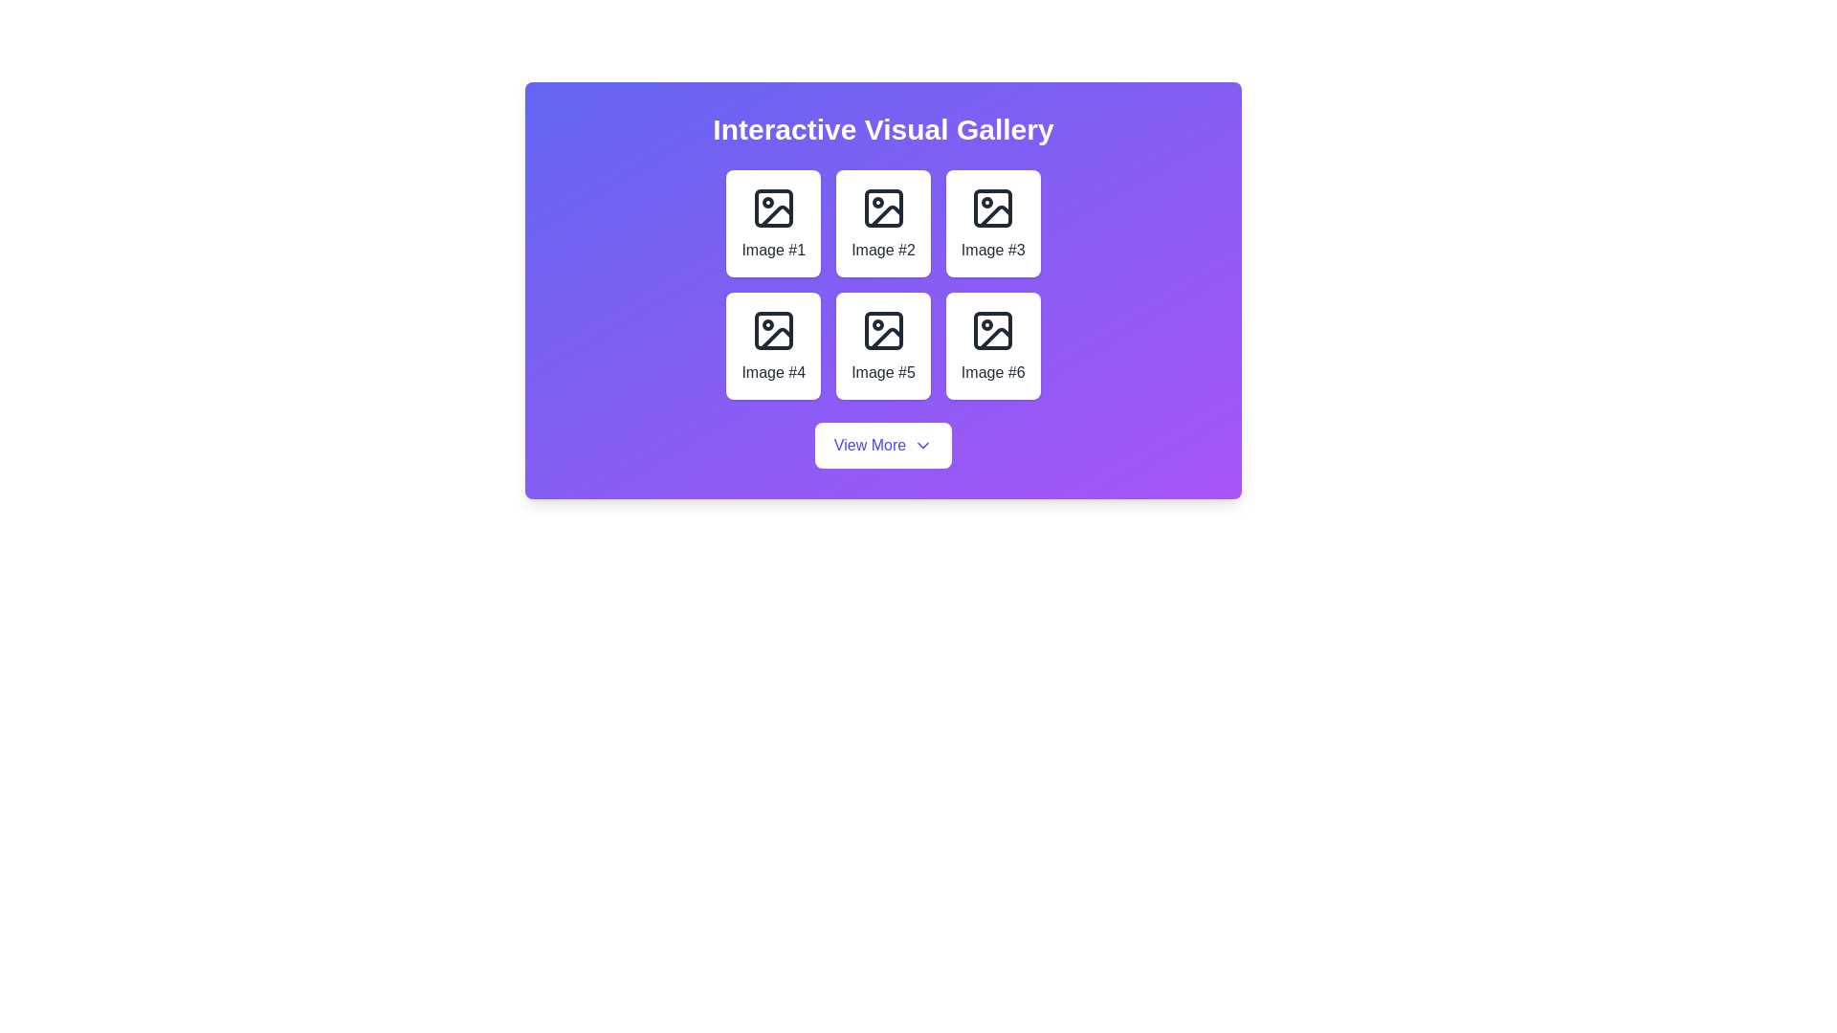  I want to click on the text label reading 'Image #3' located in the first row and third column of a 2x3 grid layout, positioned below an image icon, so click(993, 250).